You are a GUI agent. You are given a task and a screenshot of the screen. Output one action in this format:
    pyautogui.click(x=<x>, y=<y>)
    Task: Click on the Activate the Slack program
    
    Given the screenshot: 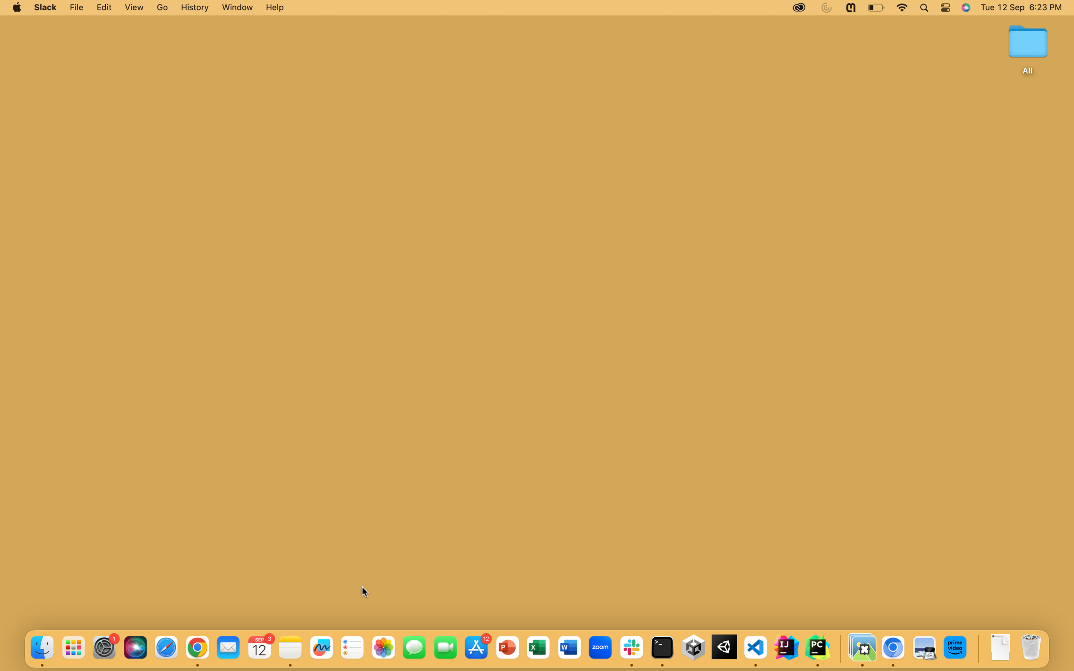 What is the action you would take?
    pyautogui.click(x=45, y=8)
    